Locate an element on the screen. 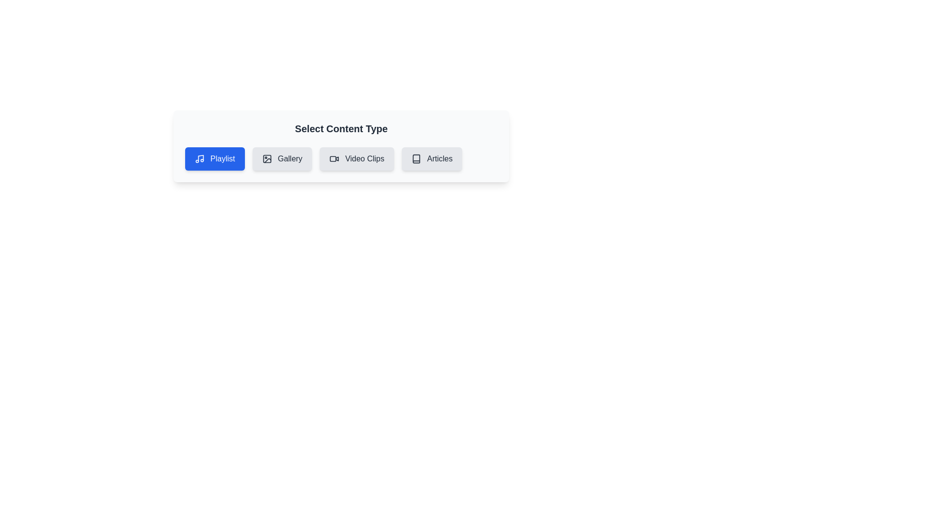  the chip labeled 'Video Clips' to observe its hover effect is located at coordinates (356, 158).